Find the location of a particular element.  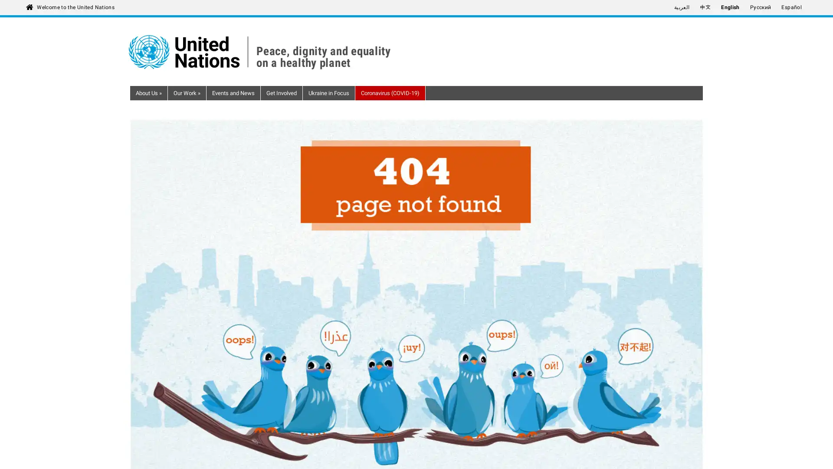

Ukraine in Focus is located at coordinates (328, 92).